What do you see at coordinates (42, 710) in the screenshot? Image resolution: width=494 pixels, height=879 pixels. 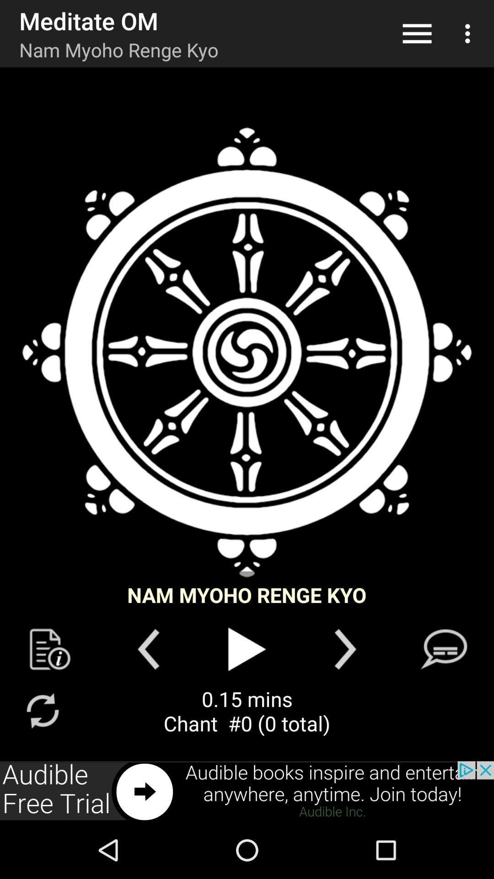 I see `rotate button` at bounding box center [42, 710].